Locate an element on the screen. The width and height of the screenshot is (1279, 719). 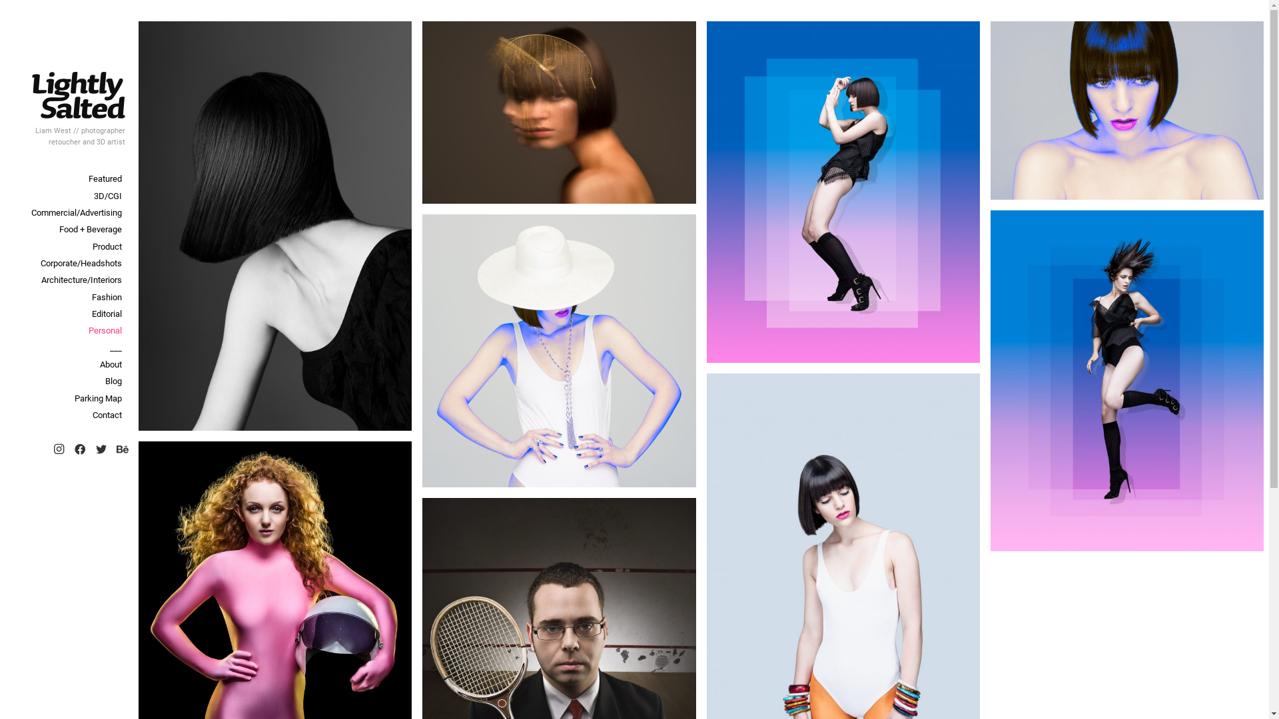
'108-LilyHabermehl_1213_web' is located at coordinates (842, 192).